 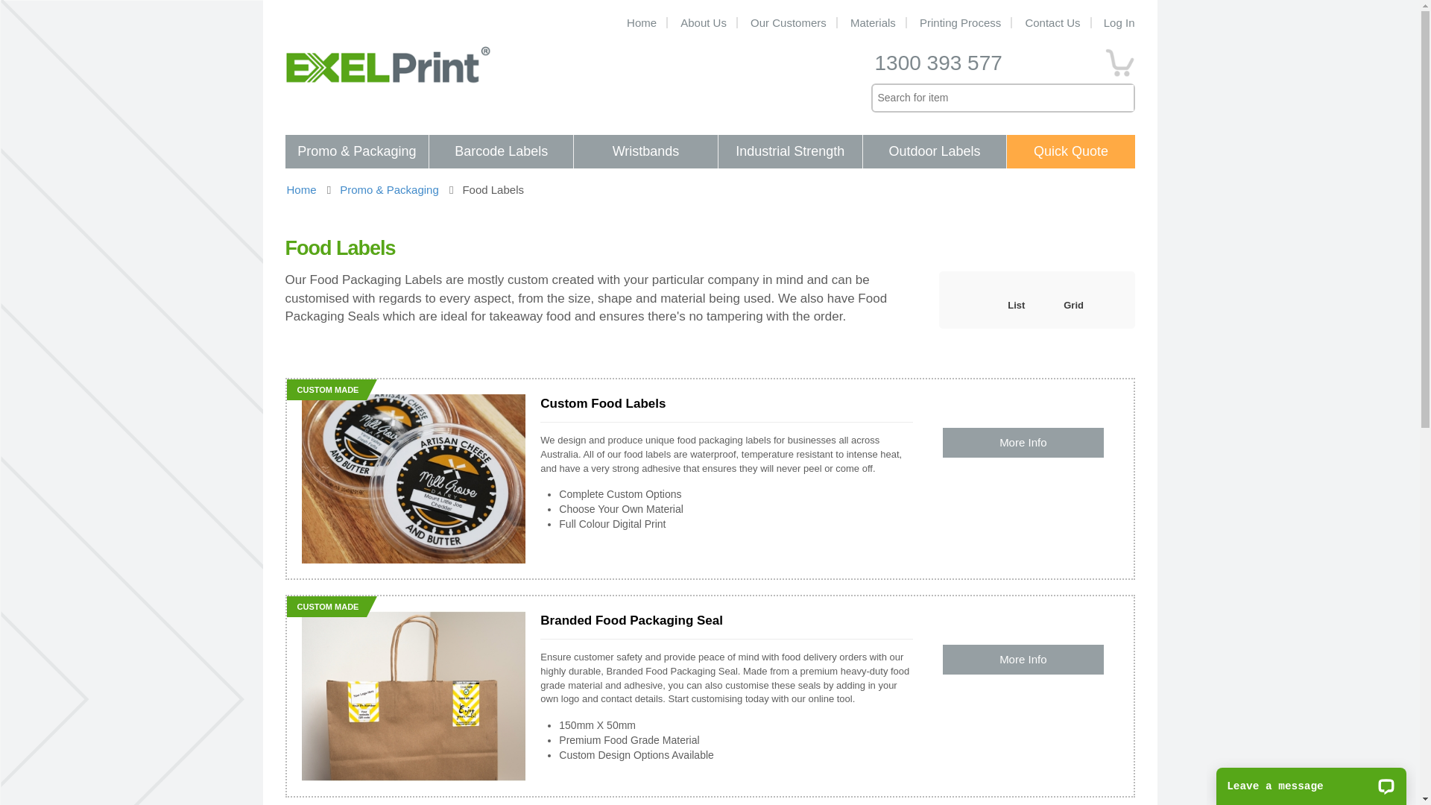 I want to click on '0', so click(x=1105, y=55).